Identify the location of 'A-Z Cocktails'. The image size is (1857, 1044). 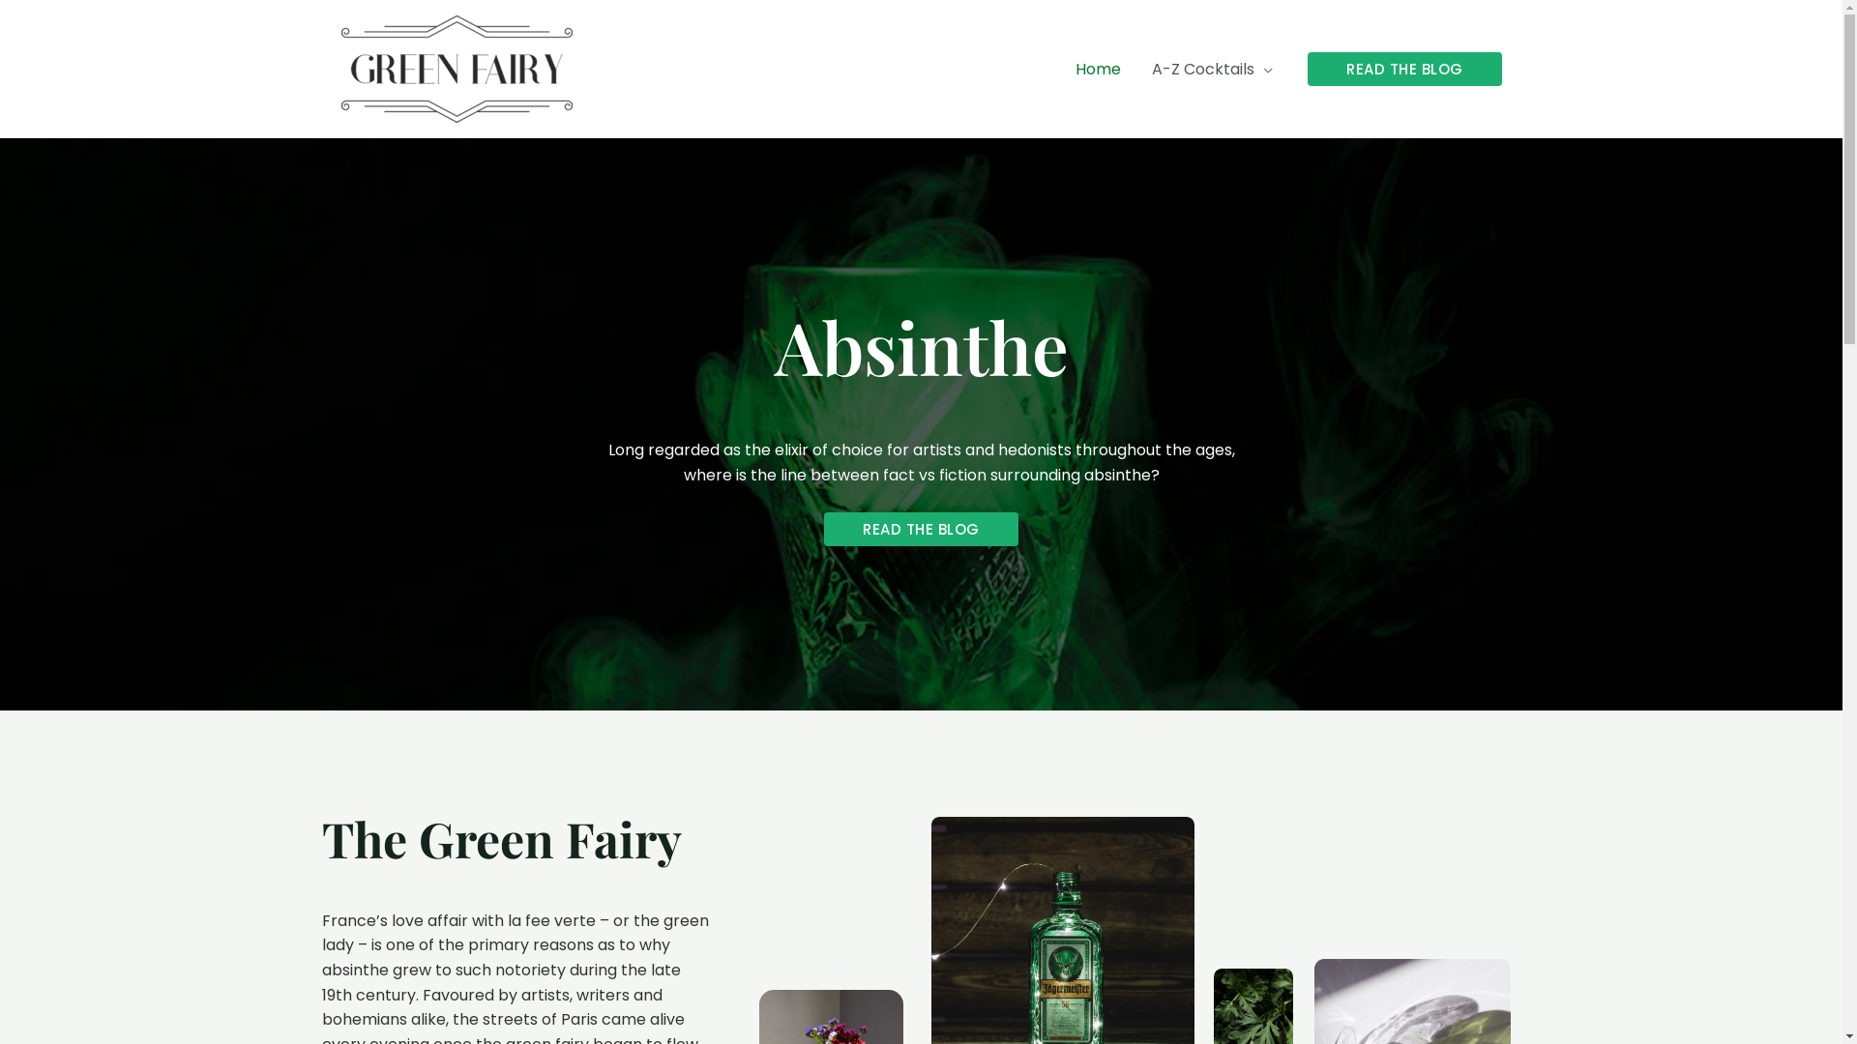
(1211, 67).